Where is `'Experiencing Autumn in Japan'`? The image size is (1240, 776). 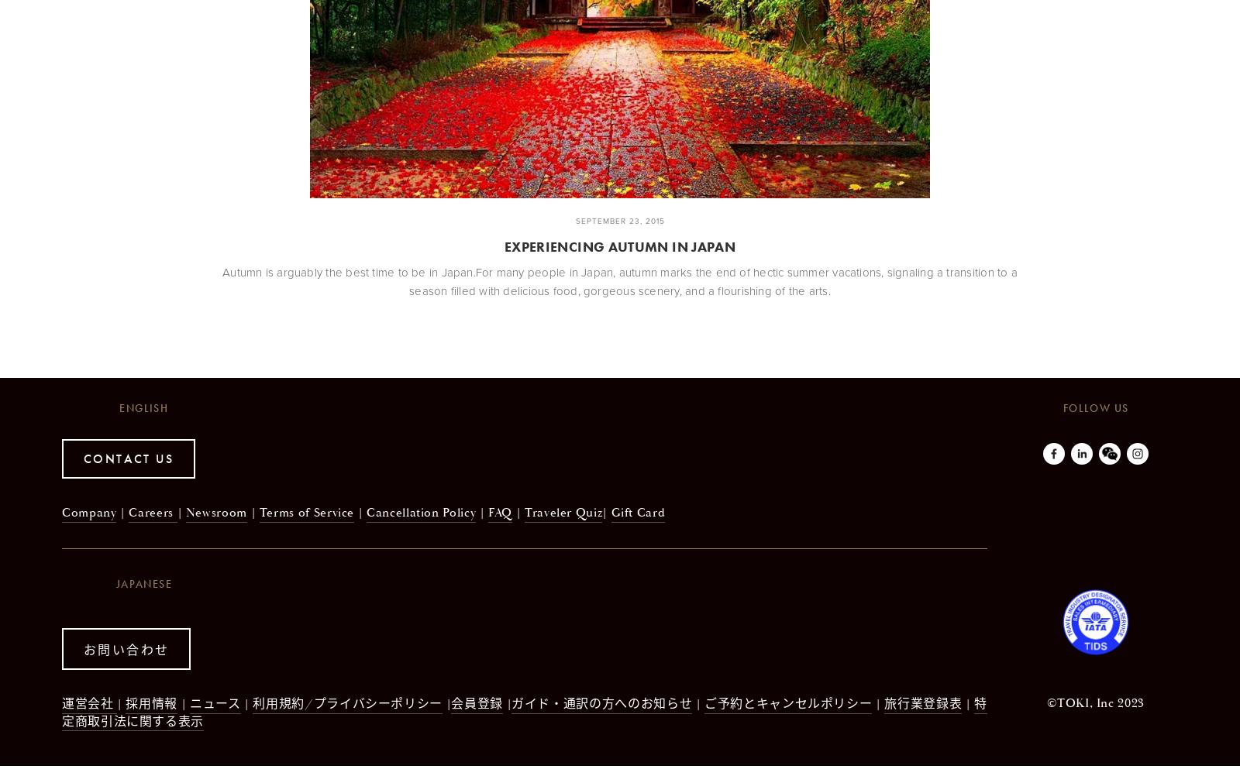 'Experiencing Autumn in Japan' is located at coordinates (619, 245).